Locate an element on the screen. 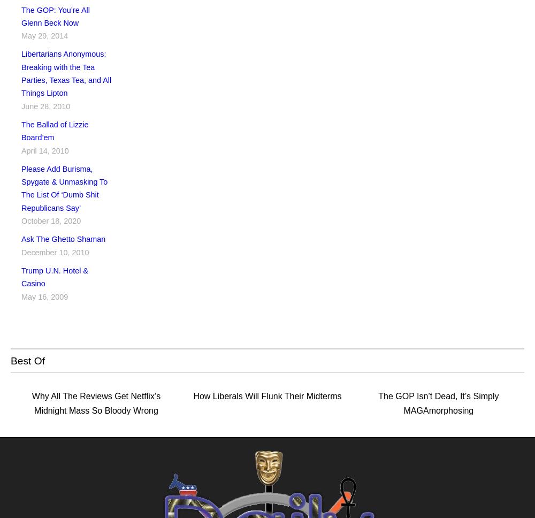 This screenshot has height=518, width=535. 'The GOP Isn’t Dead, It’s Simply MAGAmorphosing' is located at coordinates (378, 403).